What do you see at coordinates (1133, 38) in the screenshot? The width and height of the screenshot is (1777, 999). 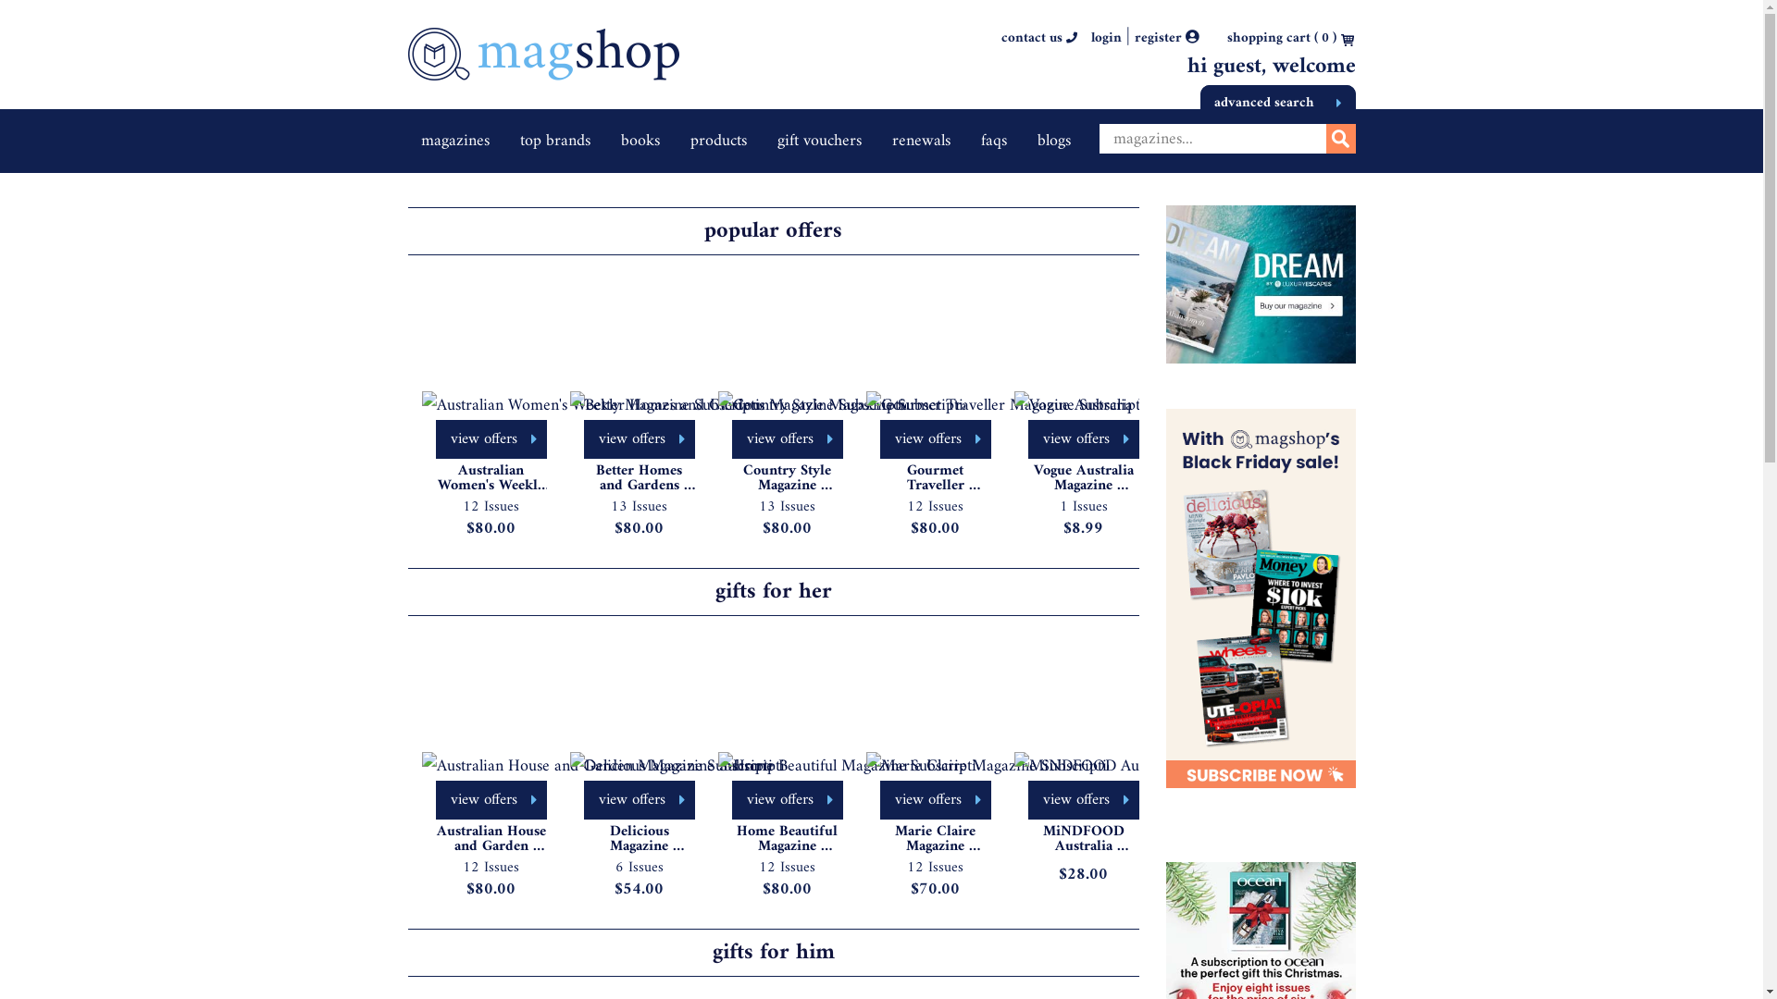 I see `'register '` at bounding box center [1133, 38].